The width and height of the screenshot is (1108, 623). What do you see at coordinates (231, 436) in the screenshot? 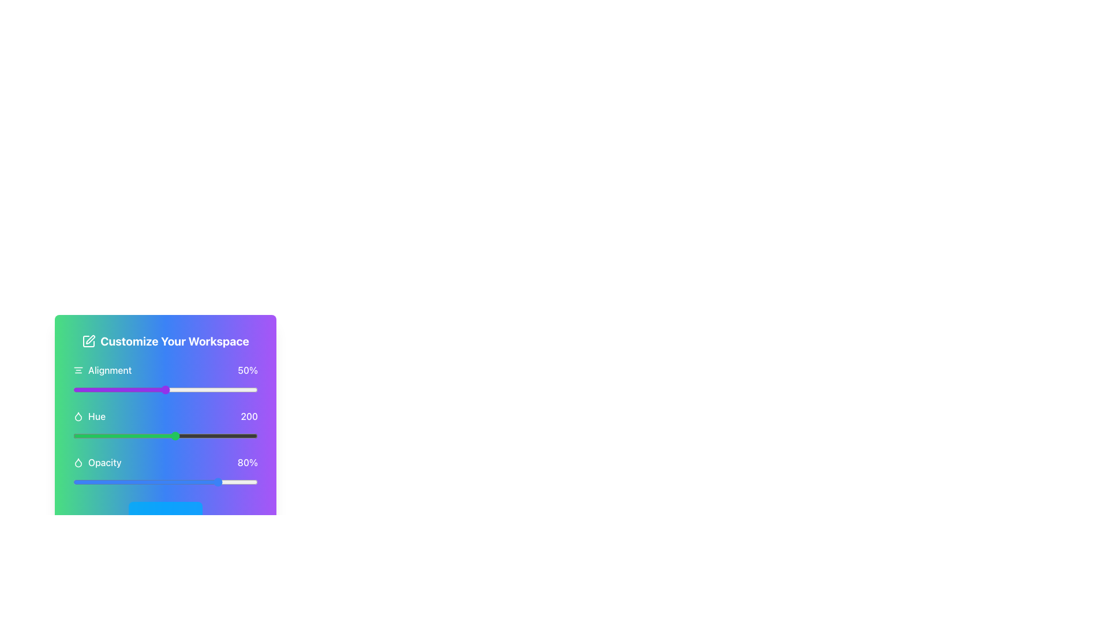
I see `hue` at bounding box center [231, 436].